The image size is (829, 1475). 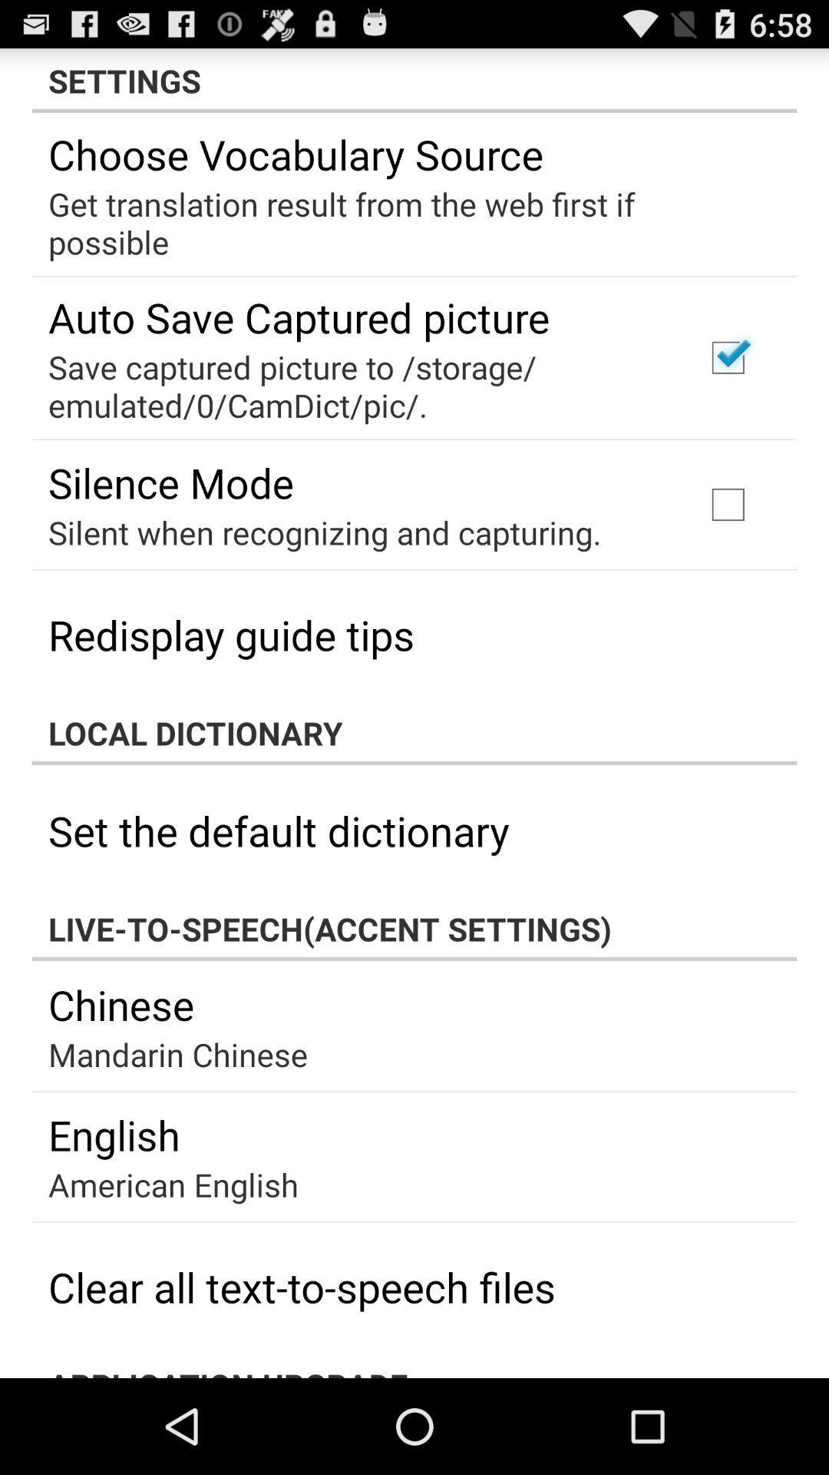 I want to click on choose vocabulary source app, so click(x=296, y=154).